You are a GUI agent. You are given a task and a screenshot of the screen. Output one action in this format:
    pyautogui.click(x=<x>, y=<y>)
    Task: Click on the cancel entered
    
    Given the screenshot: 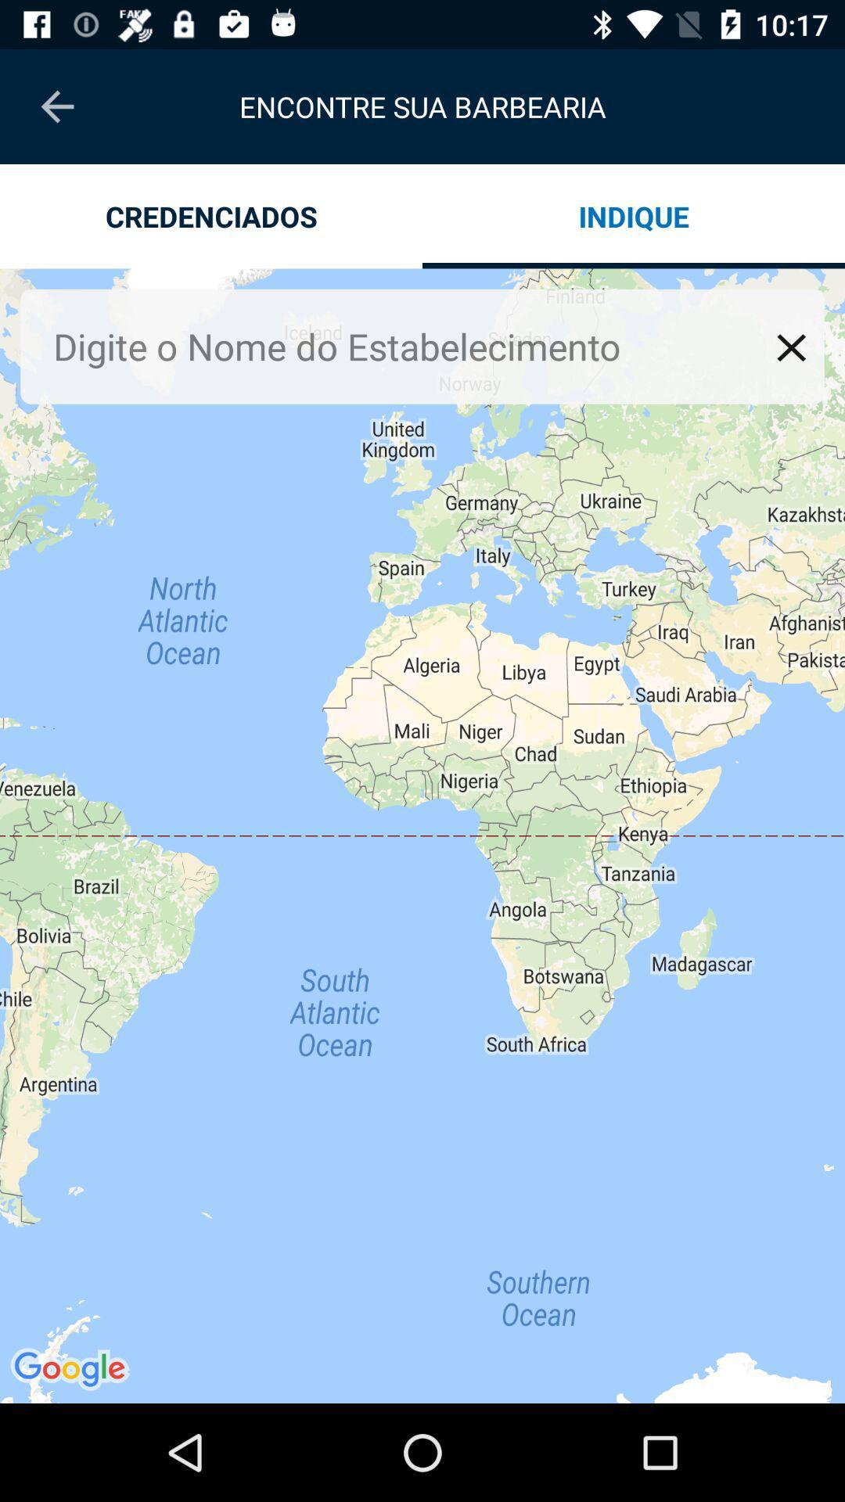 What is the action you would take?
    pyautogui.click(x=791, y=347)
    